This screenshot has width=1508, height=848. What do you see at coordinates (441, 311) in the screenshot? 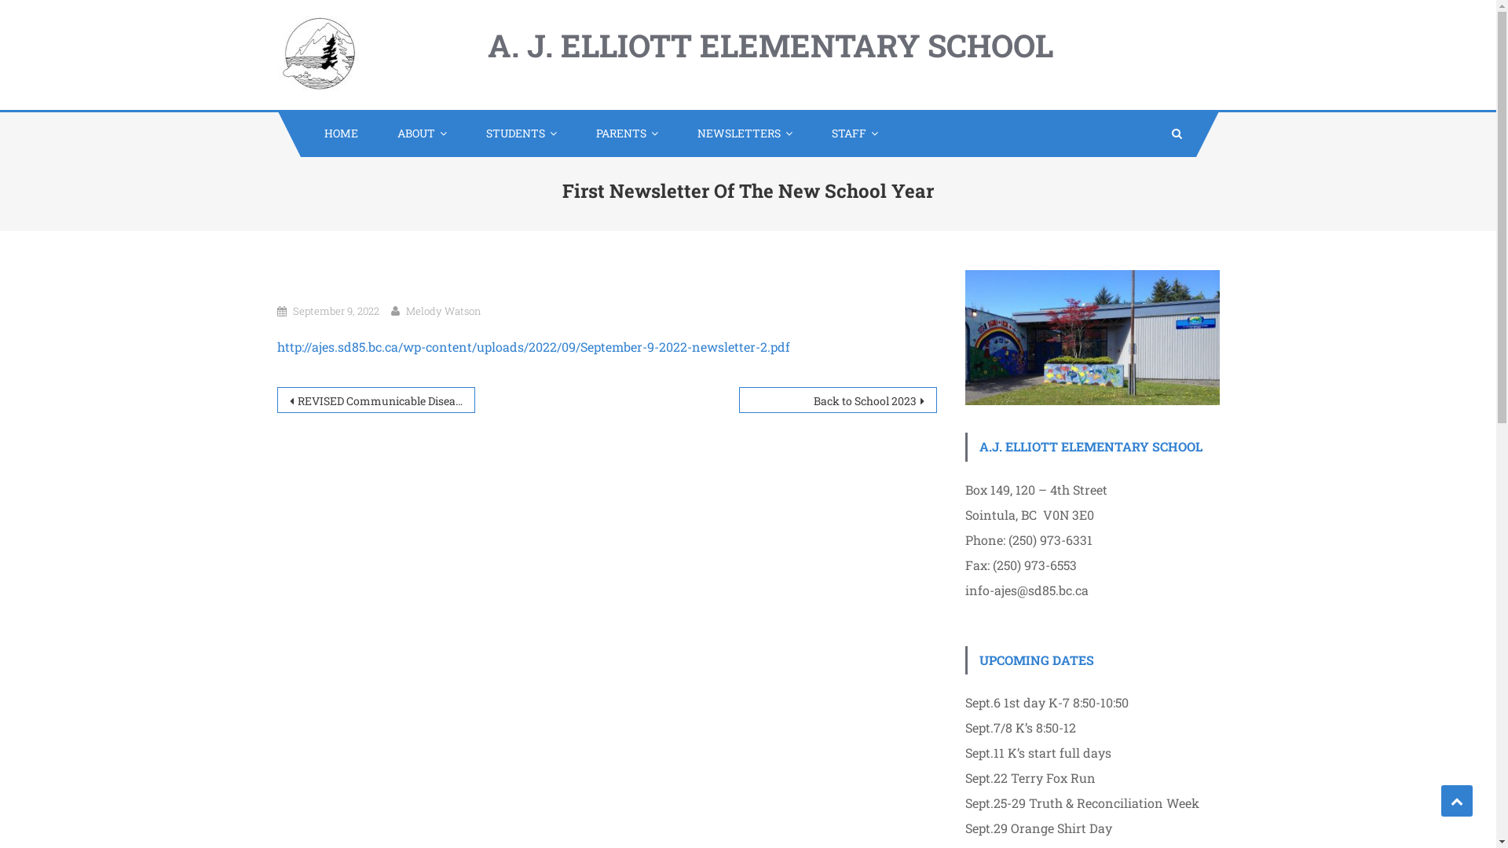
I see `'Melody Watson'` at bounding box center [441, 311].